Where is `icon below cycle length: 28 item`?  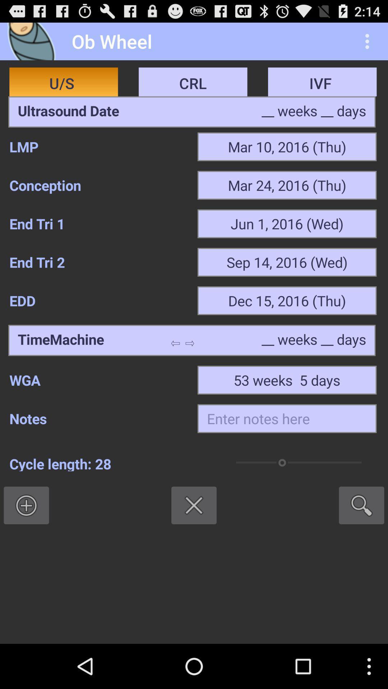 icon below cycle length: 28 item is located at coordinates (26, 505).